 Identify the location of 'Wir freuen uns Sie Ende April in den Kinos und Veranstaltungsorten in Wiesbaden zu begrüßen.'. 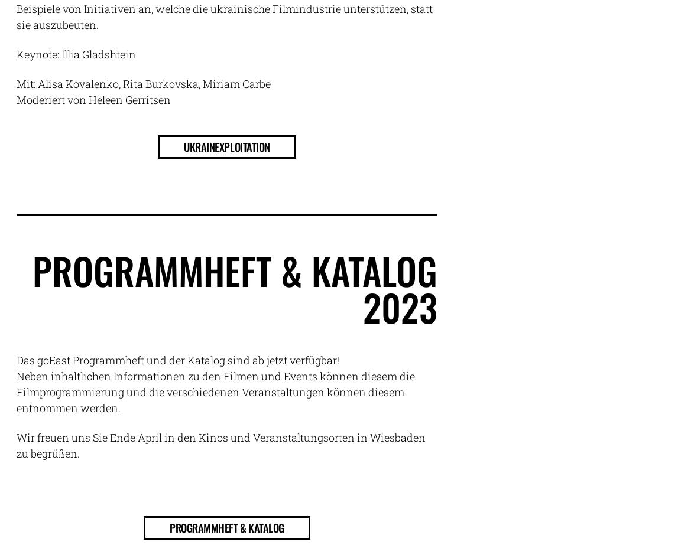
(220, 445).